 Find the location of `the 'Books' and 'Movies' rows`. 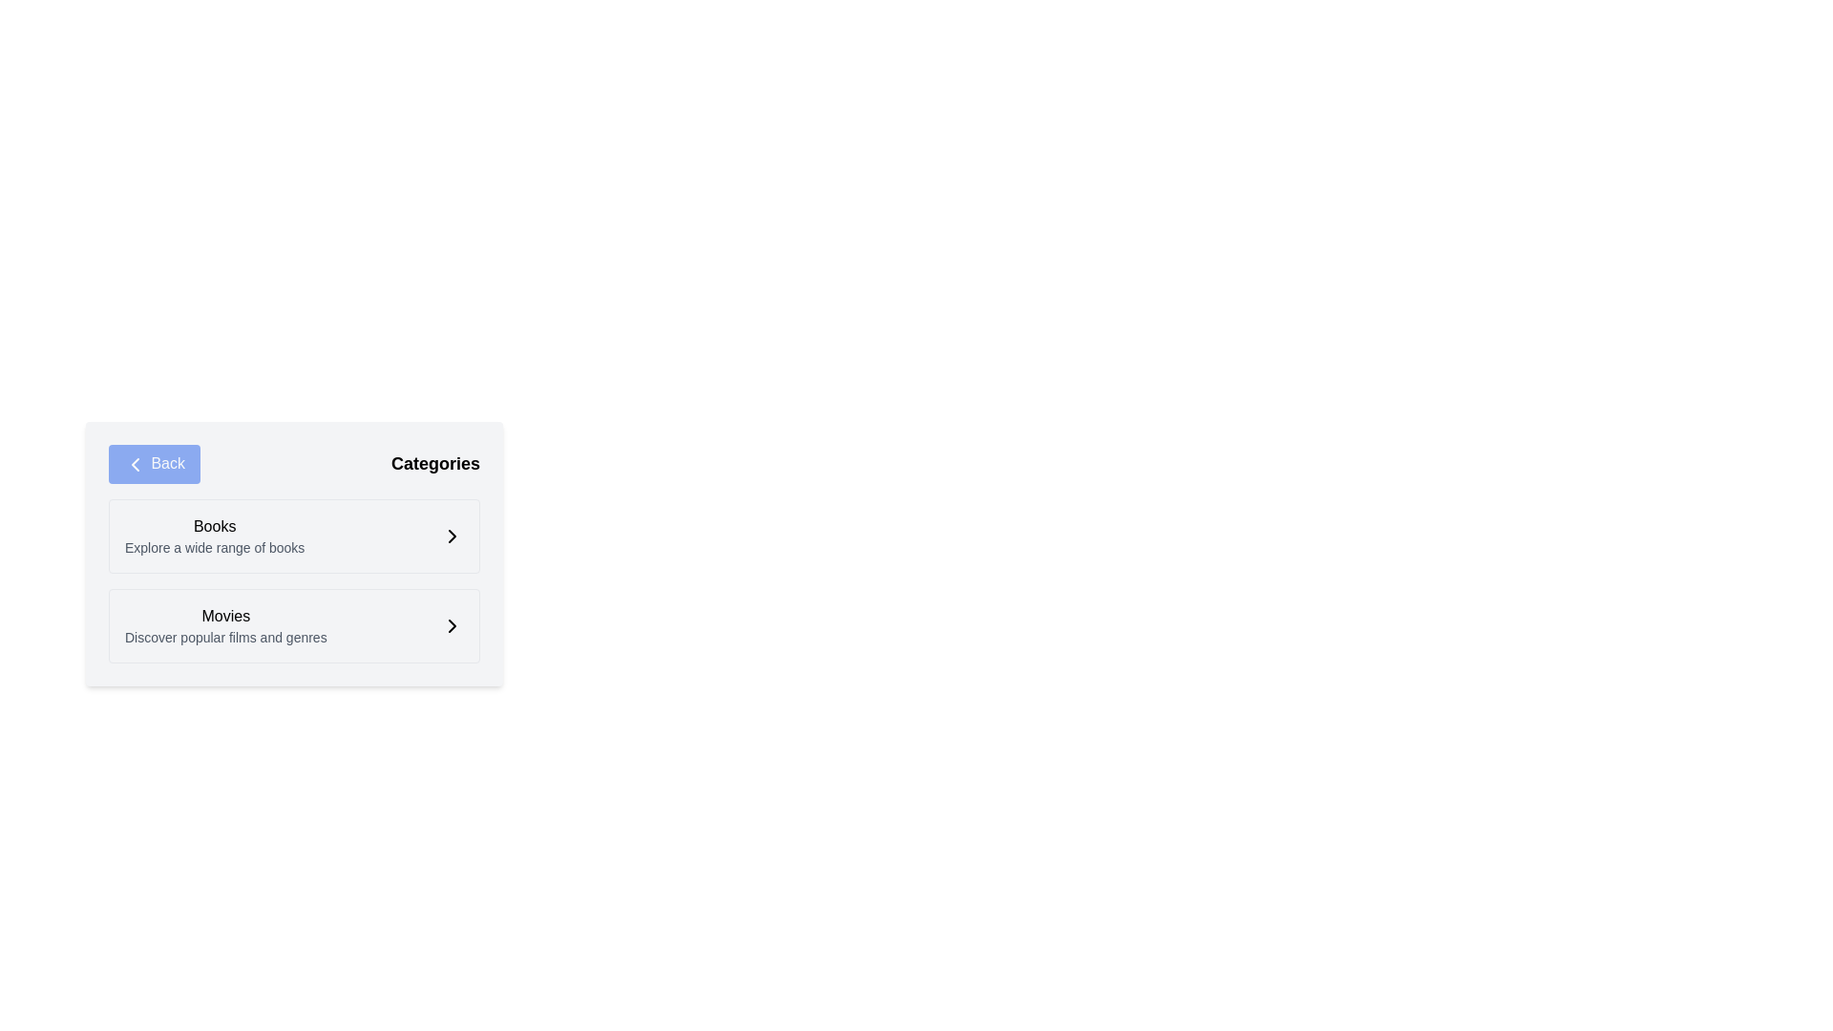

the 'Books' and 'Movies' rows is located at coordinates (293, 579).